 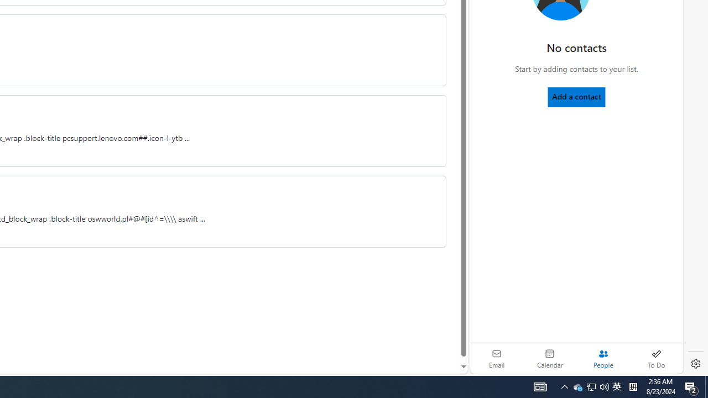 What do you see at coordinates (575, 96) in the screenshot?
I see `'Add a contact'` at bounding box center [575, 96].